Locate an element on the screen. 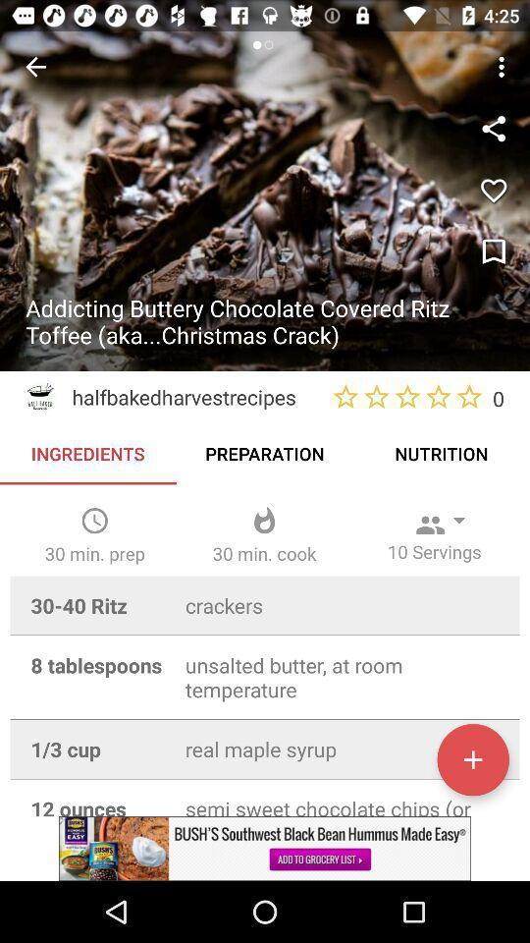 The height and width of the screenshot is (943, 530). the fourth star below the image is located at coordinates (439, 396).